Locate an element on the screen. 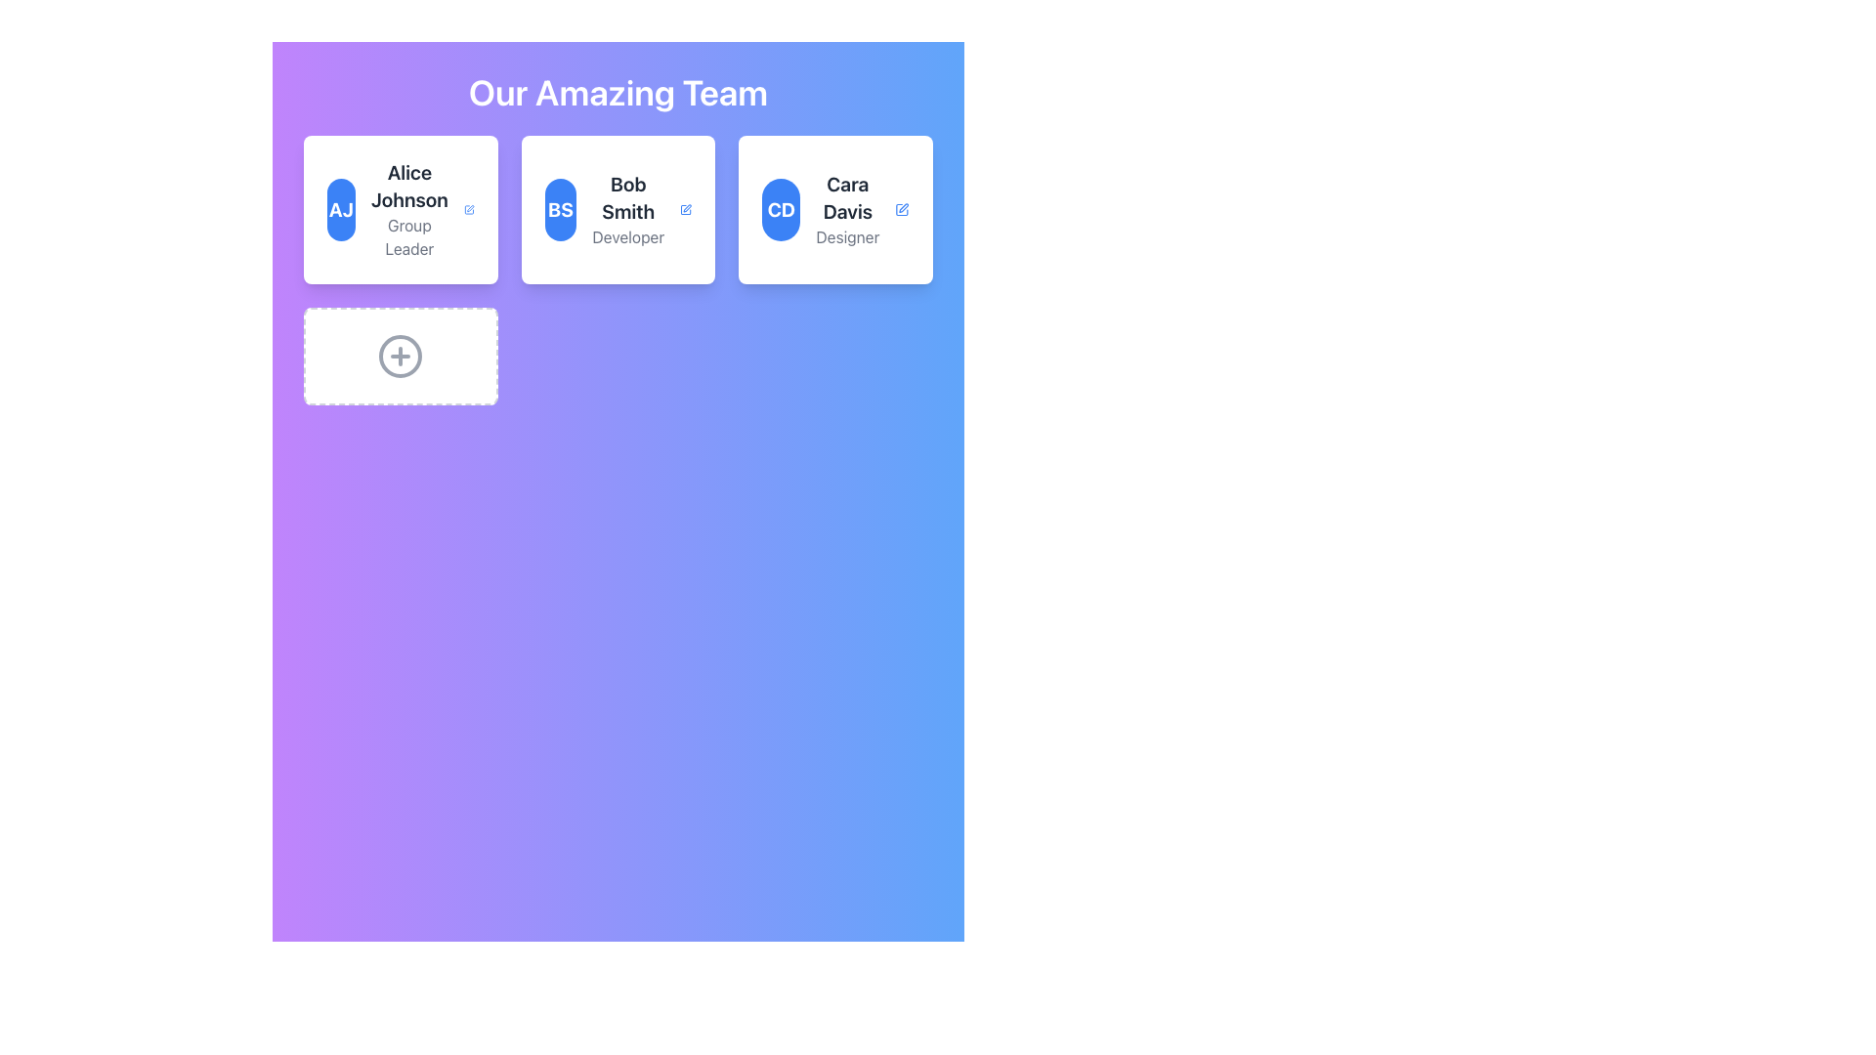 The width and height of the screenshot is (1876, 1055). the label that indicates the role or title associated with 'Bob Smith', located directly below his name within the same card representation is located at coordinates (628, 236).